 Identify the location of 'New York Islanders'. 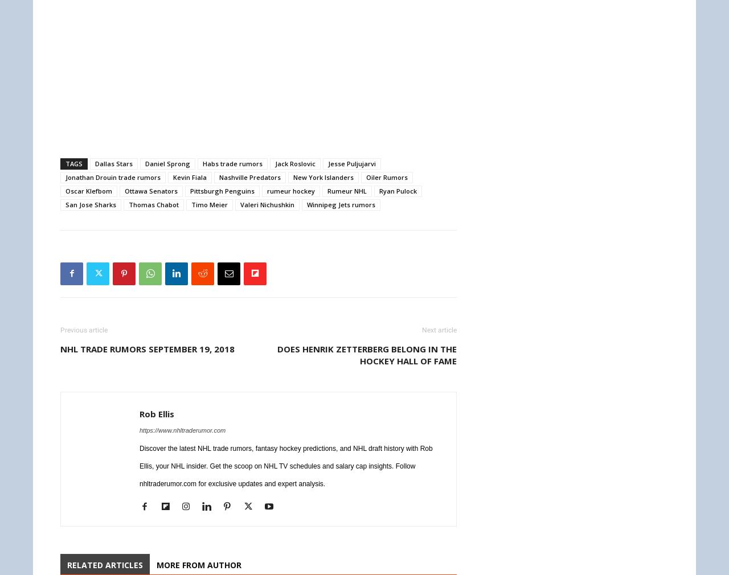
(322, 176).